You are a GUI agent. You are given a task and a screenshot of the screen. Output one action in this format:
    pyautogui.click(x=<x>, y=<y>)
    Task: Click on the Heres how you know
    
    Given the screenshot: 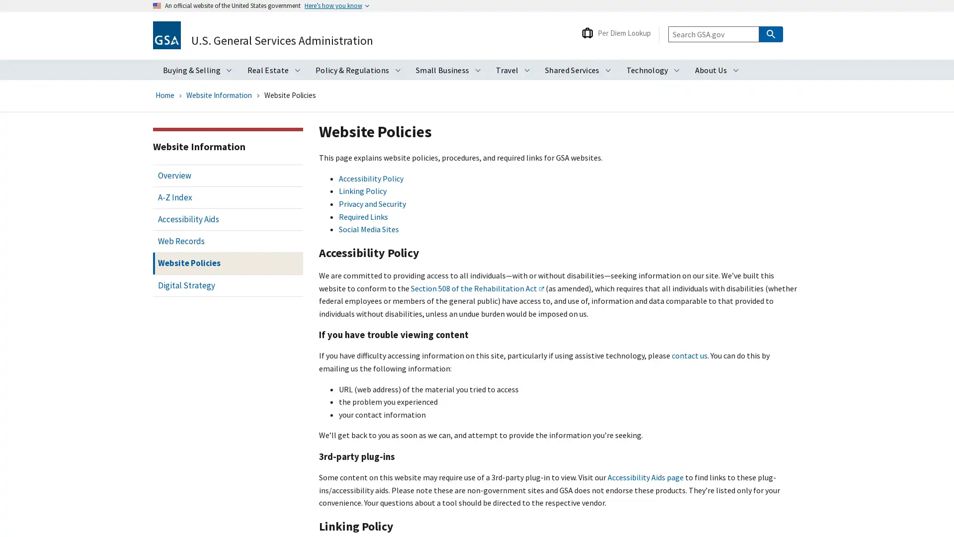 What is the action you would take?
    pyautogui.click(x=333, y=5)
    